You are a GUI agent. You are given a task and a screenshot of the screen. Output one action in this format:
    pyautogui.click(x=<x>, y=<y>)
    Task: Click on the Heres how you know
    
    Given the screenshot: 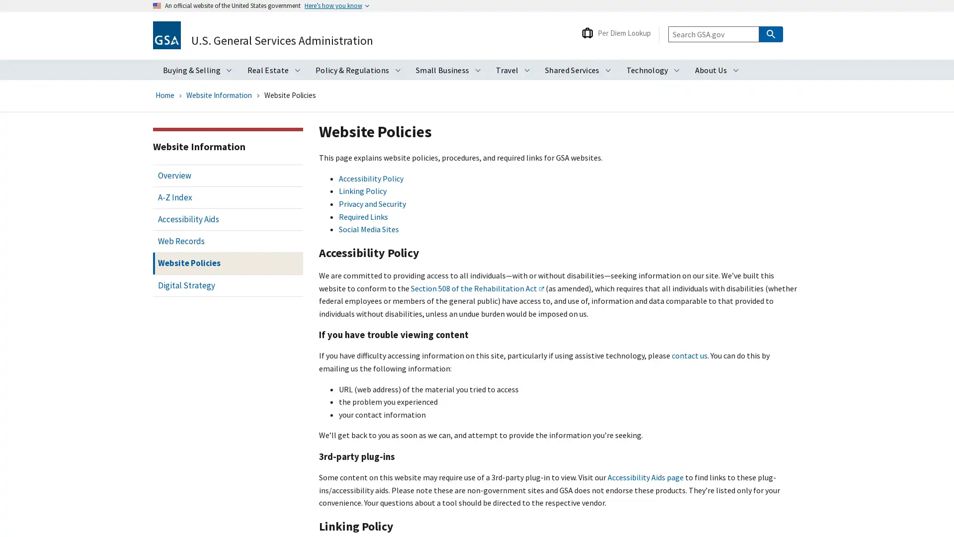 What is the action you would take?
    pyautogui.click(x=333, y=5)
    